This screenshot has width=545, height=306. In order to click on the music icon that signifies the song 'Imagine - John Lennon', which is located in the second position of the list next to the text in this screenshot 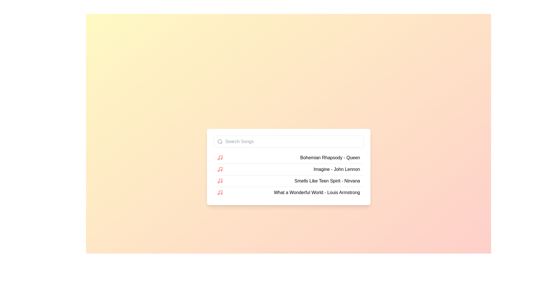, I will do `click(220, 169)`.